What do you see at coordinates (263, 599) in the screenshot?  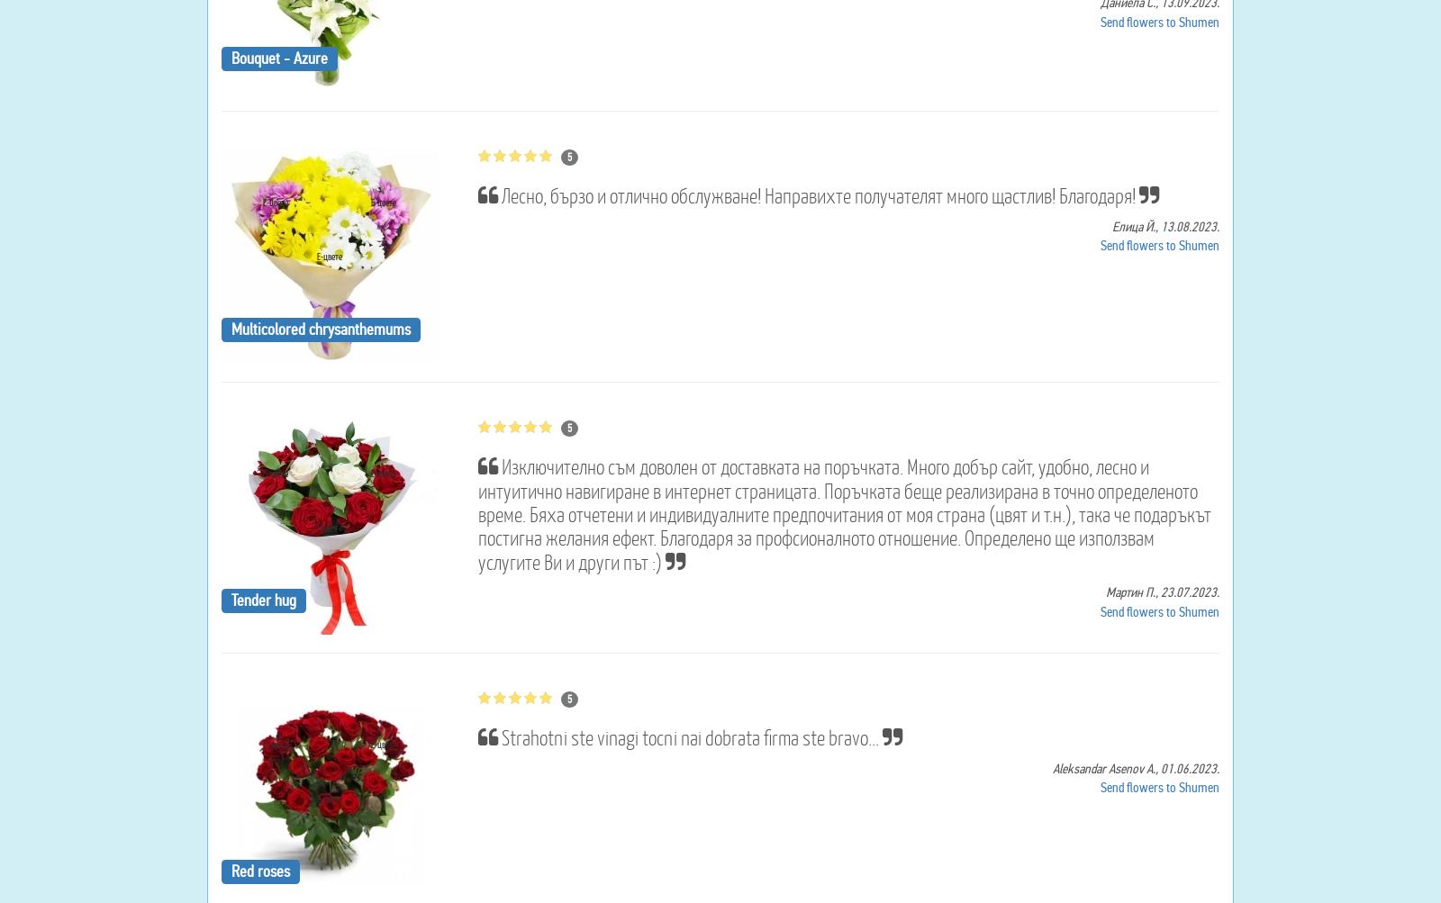 I see `'Tender hug'` at bounding box center [263, 599].